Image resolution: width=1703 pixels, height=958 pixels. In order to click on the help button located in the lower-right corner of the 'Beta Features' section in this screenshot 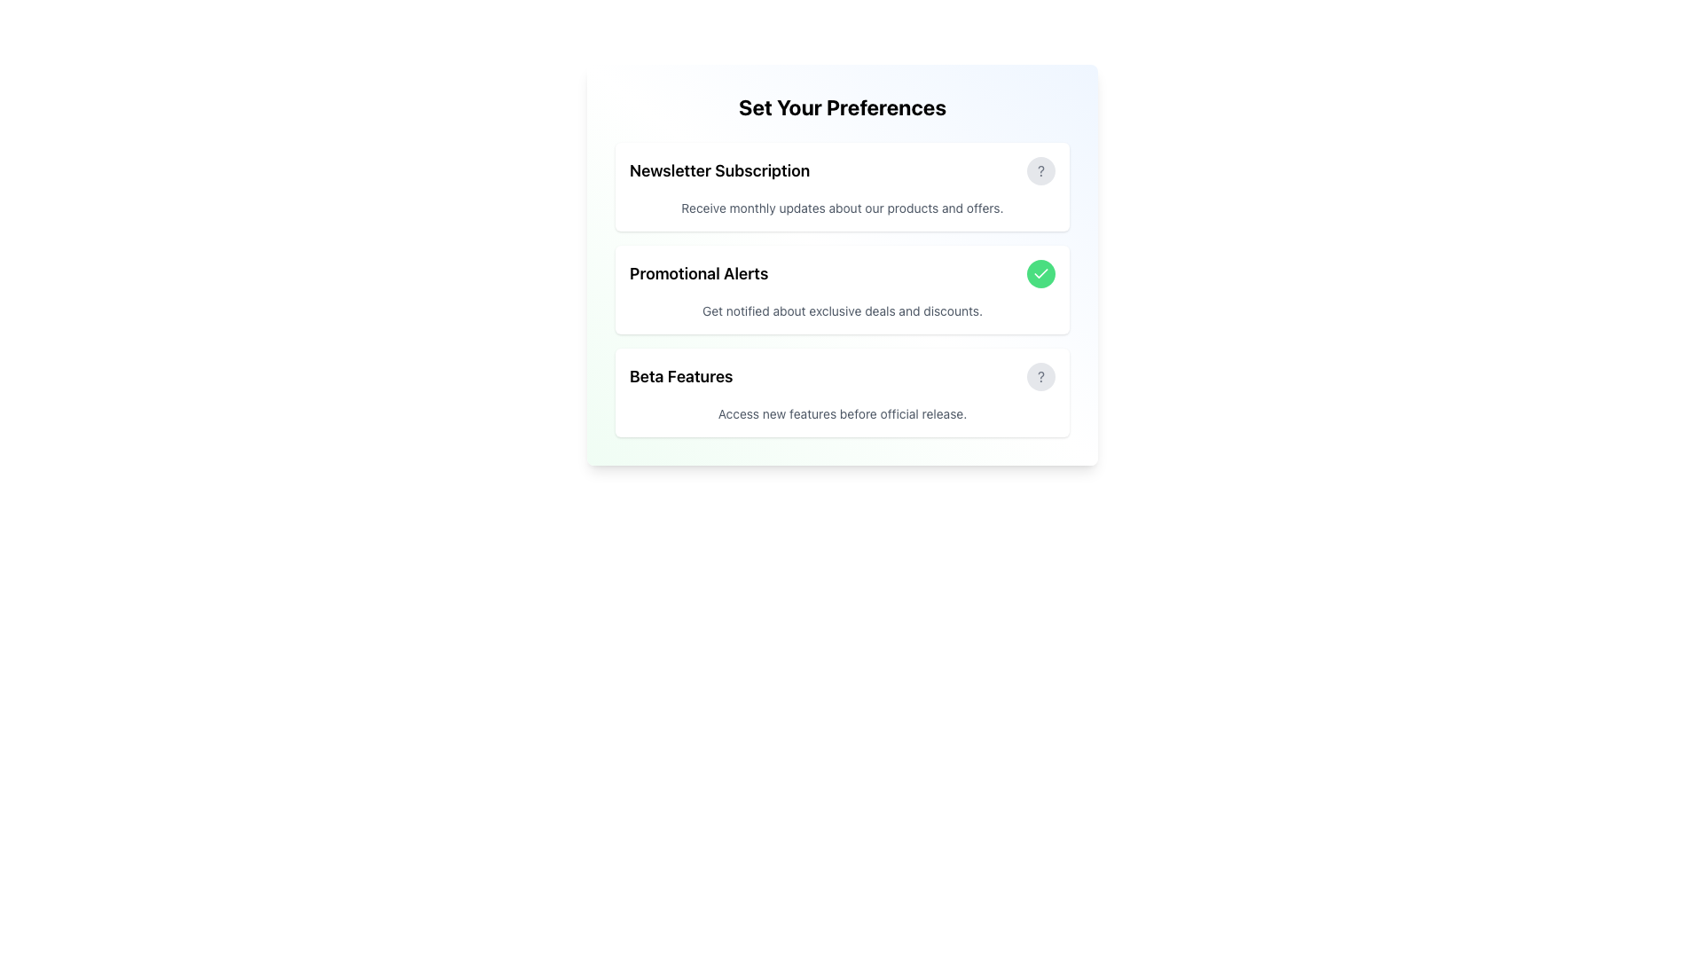, I will do `click(1041, 375)`.